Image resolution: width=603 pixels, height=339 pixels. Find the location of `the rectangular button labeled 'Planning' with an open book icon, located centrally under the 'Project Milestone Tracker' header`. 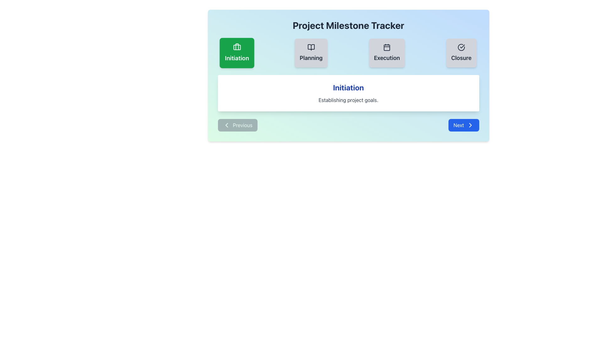

the rectangular button labeled 'Planning' with an open book icon, located centrally under the 'Project Milestone Tracker' header is located at coordinates (311, 53).